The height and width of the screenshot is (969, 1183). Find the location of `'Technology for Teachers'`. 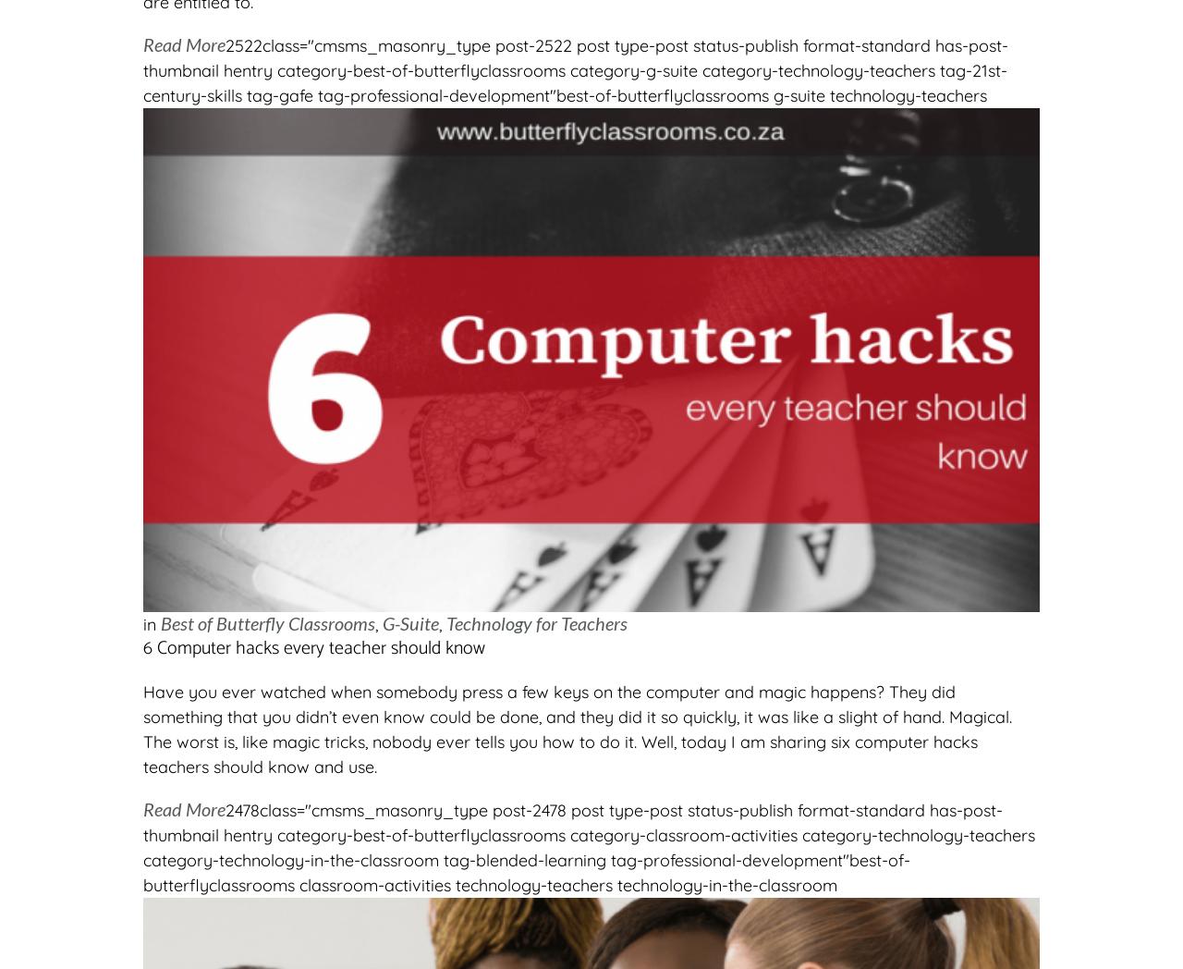

'Technology for Teachers' is located at coordinates (445, 622).